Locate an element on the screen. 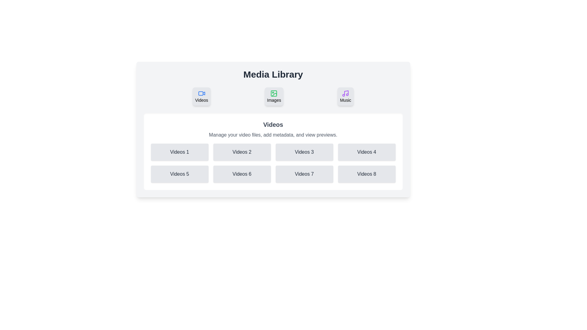 The image size is (587, 330). the Videos tab to switch views is located at coordinates (201, 96).